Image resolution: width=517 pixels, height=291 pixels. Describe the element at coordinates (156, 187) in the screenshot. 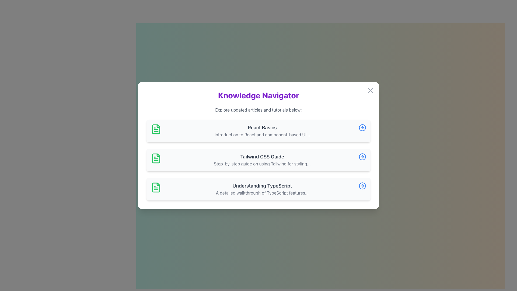

I see `the green document icon located at the bottom of a vertical list, representing the last entry in a three-item menu layout` at that location.